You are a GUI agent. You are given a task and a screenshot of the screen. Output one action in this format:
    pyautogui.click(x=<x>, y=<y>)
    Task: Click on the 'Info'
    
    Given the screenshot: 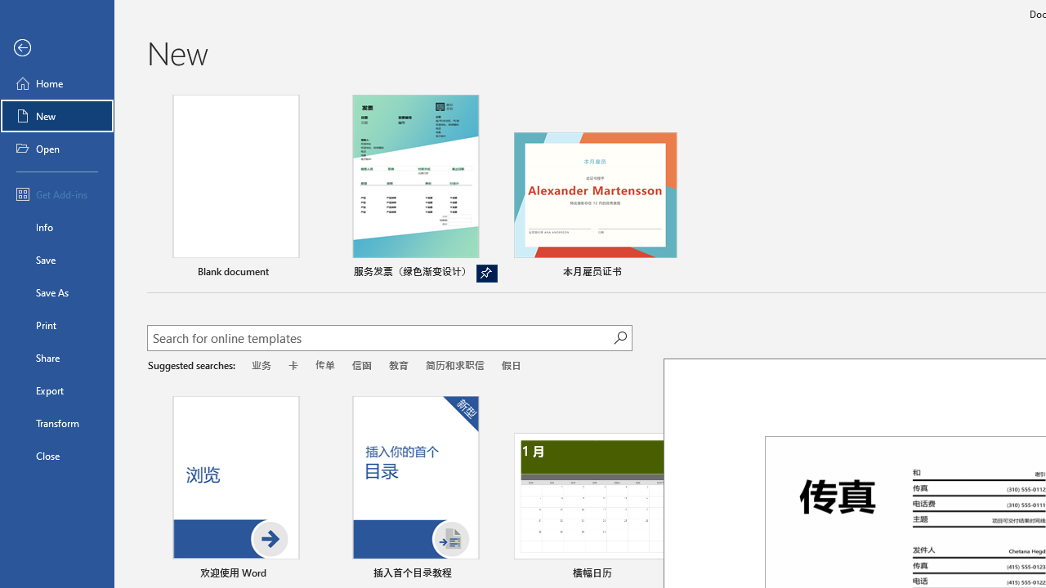 What is the action you would take?
    pyautogui.click(x=56, y=226)
    